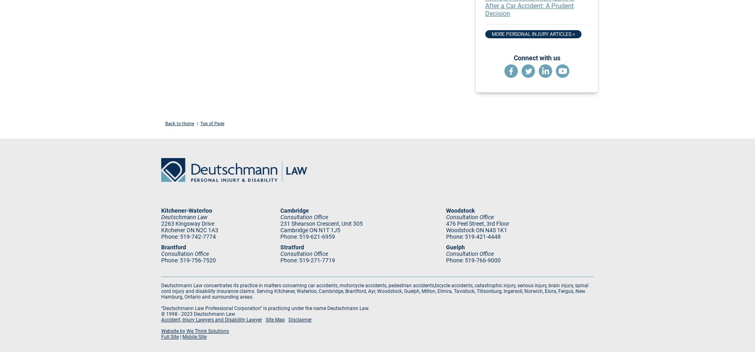 The image size is (755, 352). What do you see at coordinates (202, 236) in the screenshot?
I see `'-742-7774'` at bounding box center [202, 236].